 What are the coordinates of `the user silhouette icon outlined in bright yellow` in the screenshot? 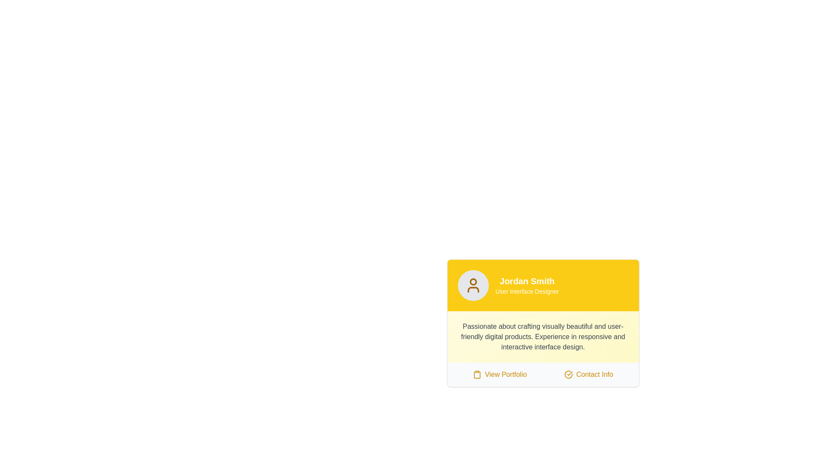 It's located at (473, 286).